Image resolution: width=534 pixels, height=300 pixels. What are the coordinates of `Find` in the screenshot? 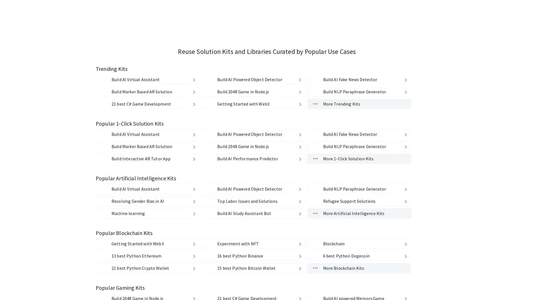 It's located at (395, 86).